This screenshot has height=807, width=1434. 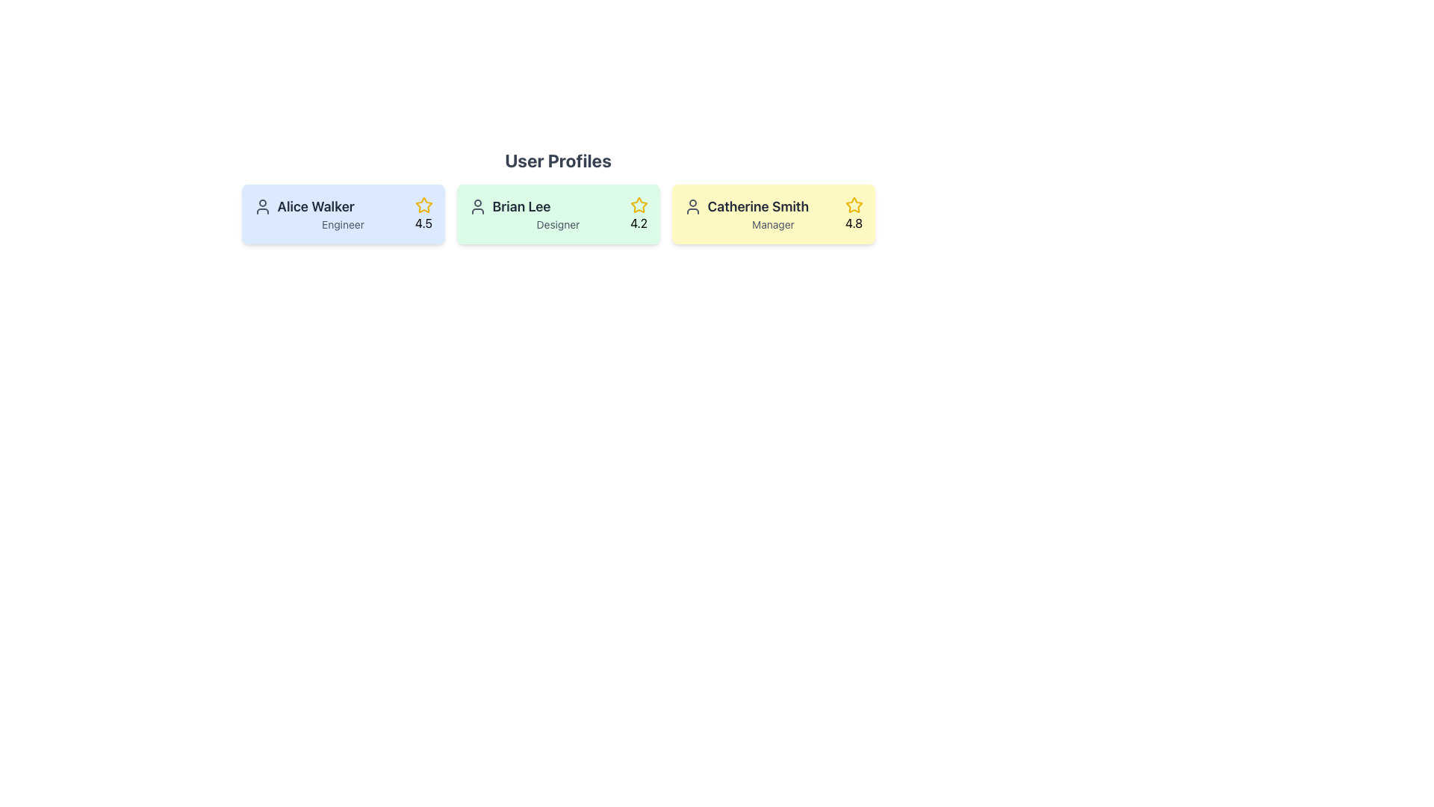 What do you see at coordinates (854, 214) in the screenshot?
I see `the Rating indicator located in the top-right corner of the 'Catherine Smith' profile card, which shows a numerical value and a star icon, indicating customer feedback or performance` at bounding box center [854, 214].